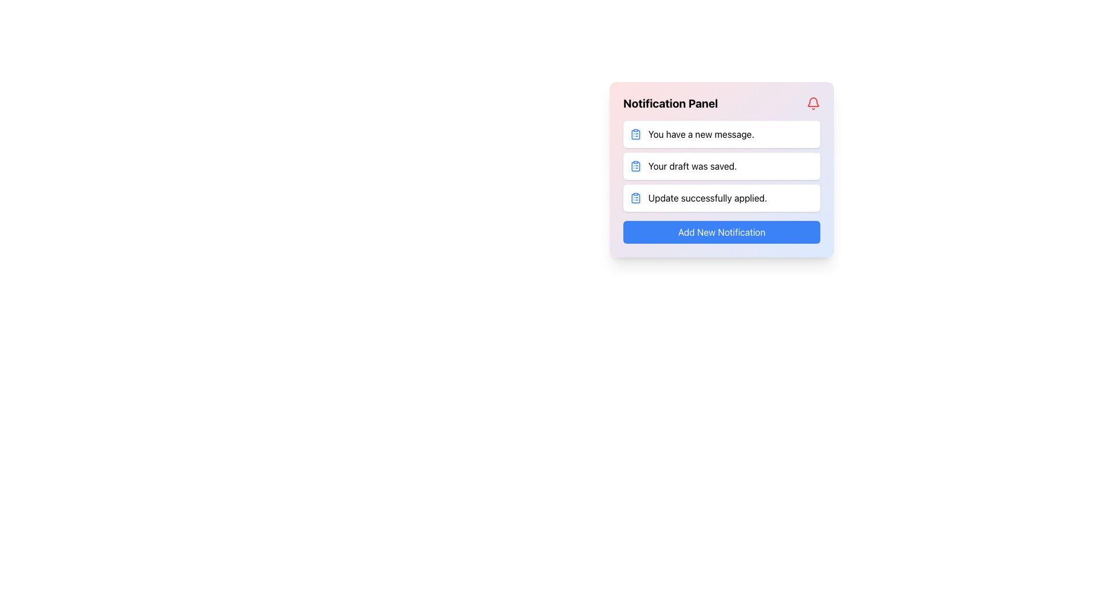 The width and height of the screenshot is (1093, 615). What do you see at coordinates (707, 197) in the screenshot?
I see `the third notification message in the Notification Panel, which informs the user about the successful application of an update` at bounding box center [707, 197].